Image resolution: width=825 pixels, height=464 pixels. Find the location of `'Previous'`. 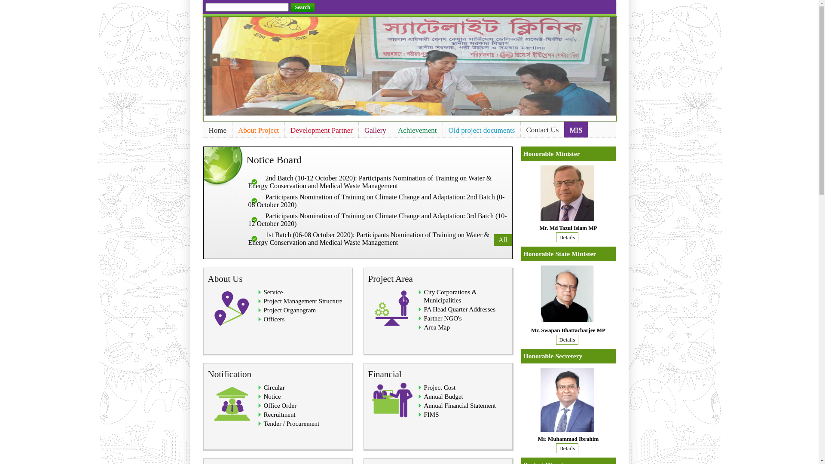

'Previous' is located at coordinates (203, 64).